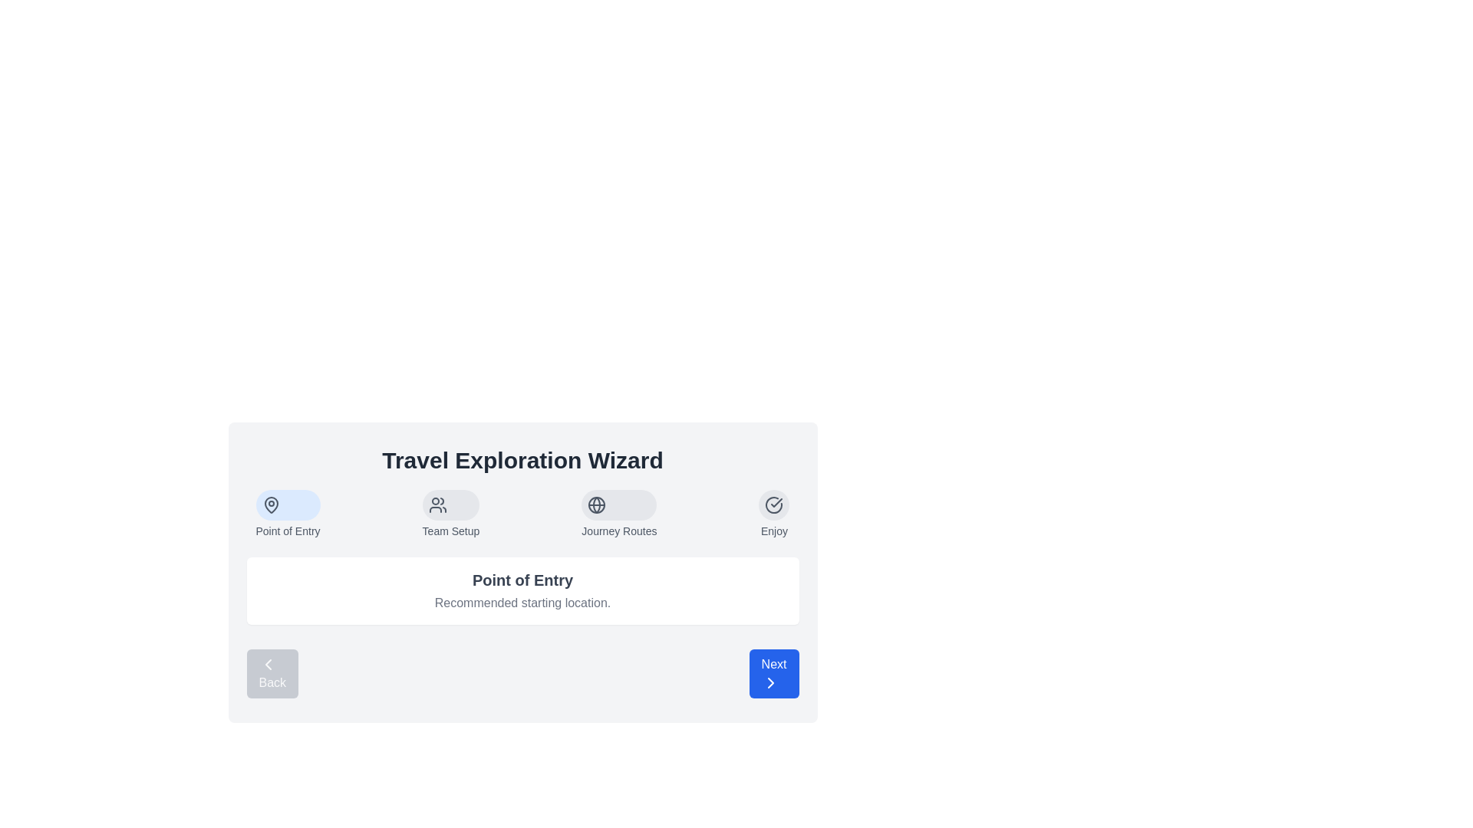  I want to click on the 'Point of Entry' navigation button, which is the first item in the horizontal sequence of navigation options, so click(288, 514).